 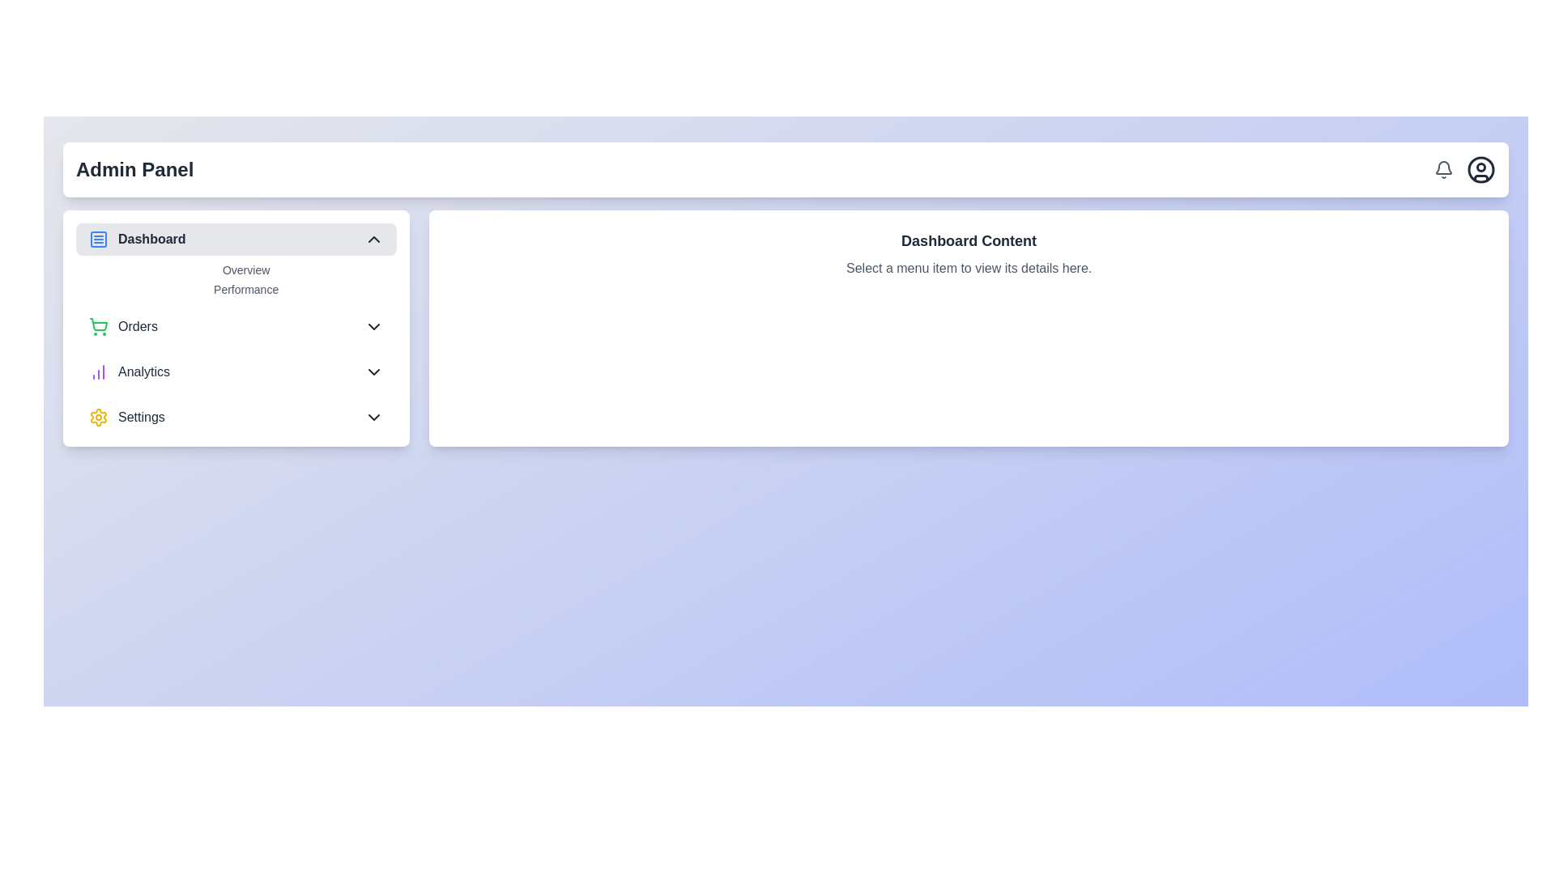 What do you see at coordinates (236, 328) in the screenshot?
I see `the vertical navigation menu located on the left side of the interface` at bounding box center [236, 328].